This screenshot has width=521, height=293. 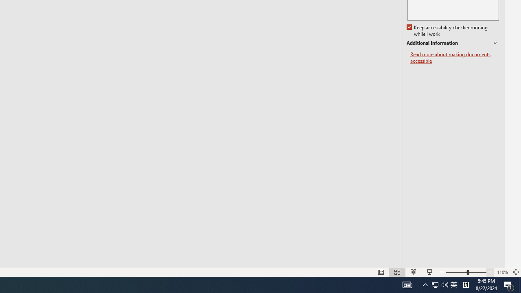 I want to click on 'Additional Information', so click(x=452, y=43).